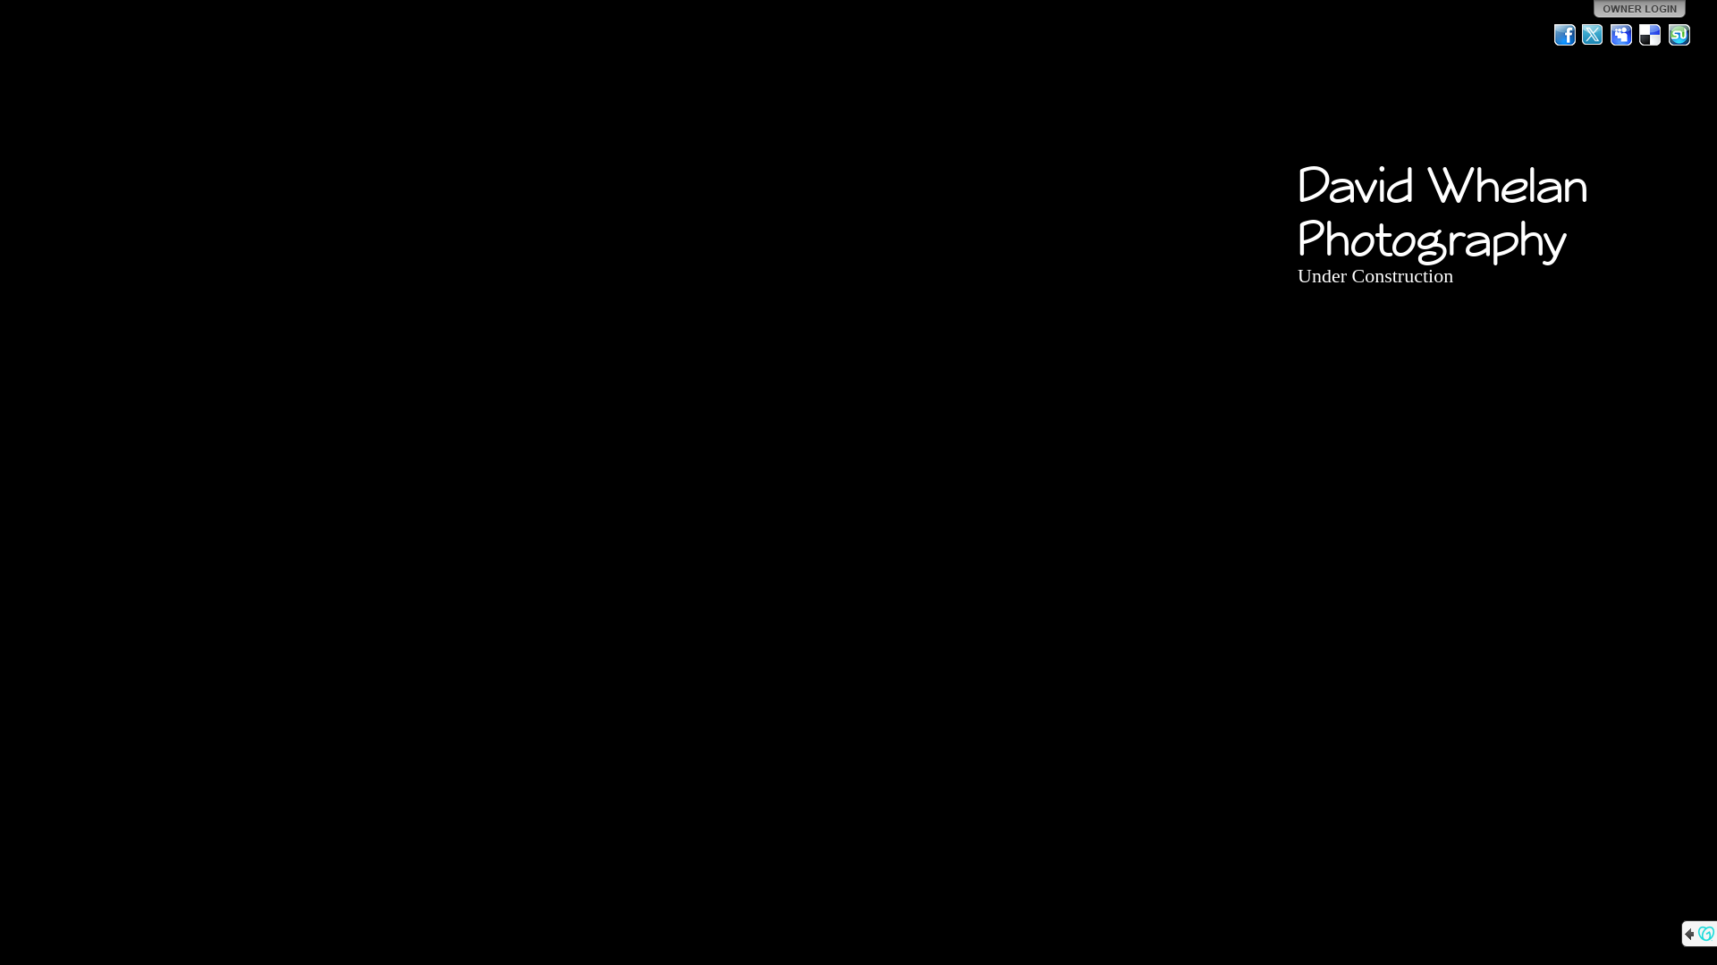 The height and width of the screenshot is (965, 1717). I want to click on 'MySpace', so click(1622, 34).